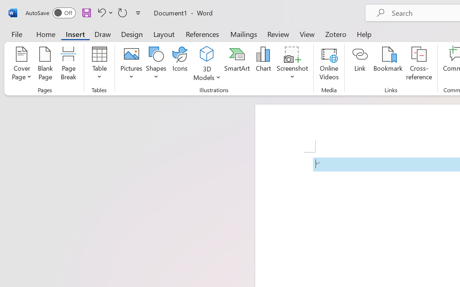 The width and height of the screenshot is (460, 287). Describe the element at coordinates (99, 64) in the screenshot. I see `'Table'` at that location.